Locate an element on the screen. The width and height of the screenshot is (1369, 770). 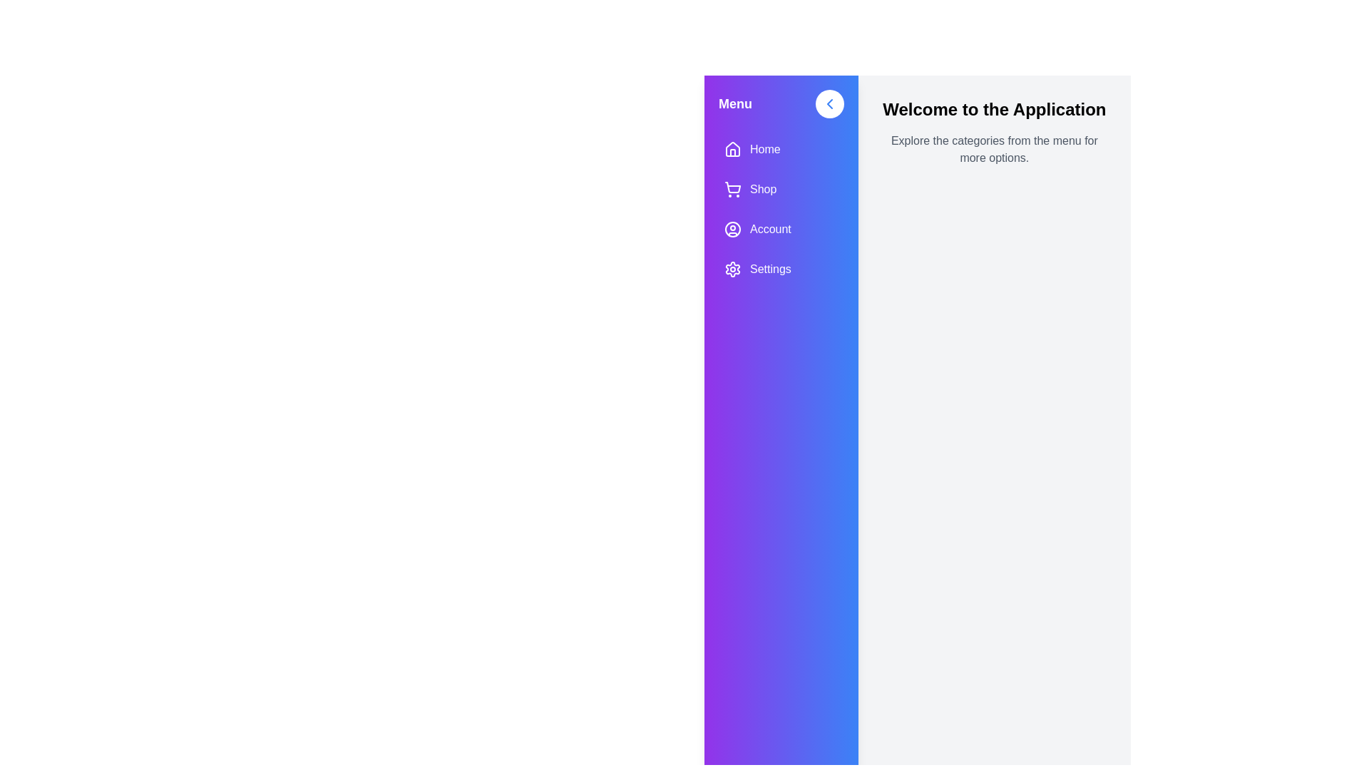
the gear-shaped icon in the left navigation menu is located at coordinates (732, 269).